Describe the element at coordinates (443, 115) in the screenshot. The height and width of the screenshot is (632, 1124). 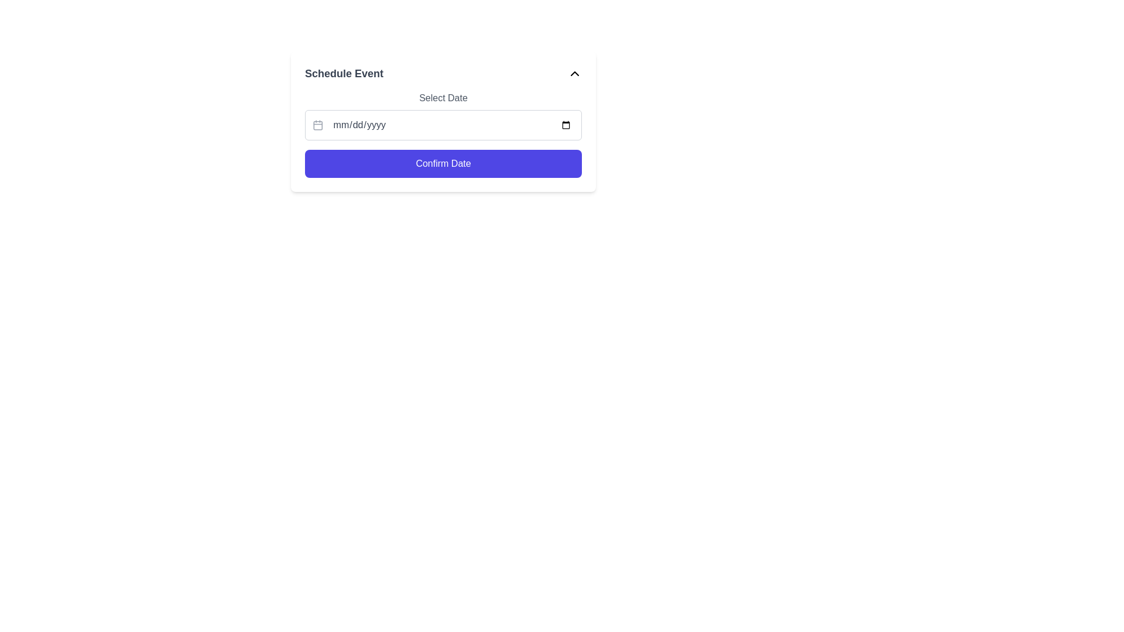
I see `a date from the calendar picker in the Date Picker Component labeled 'Select Date', located within the 'Schedule Event' form` at that location.